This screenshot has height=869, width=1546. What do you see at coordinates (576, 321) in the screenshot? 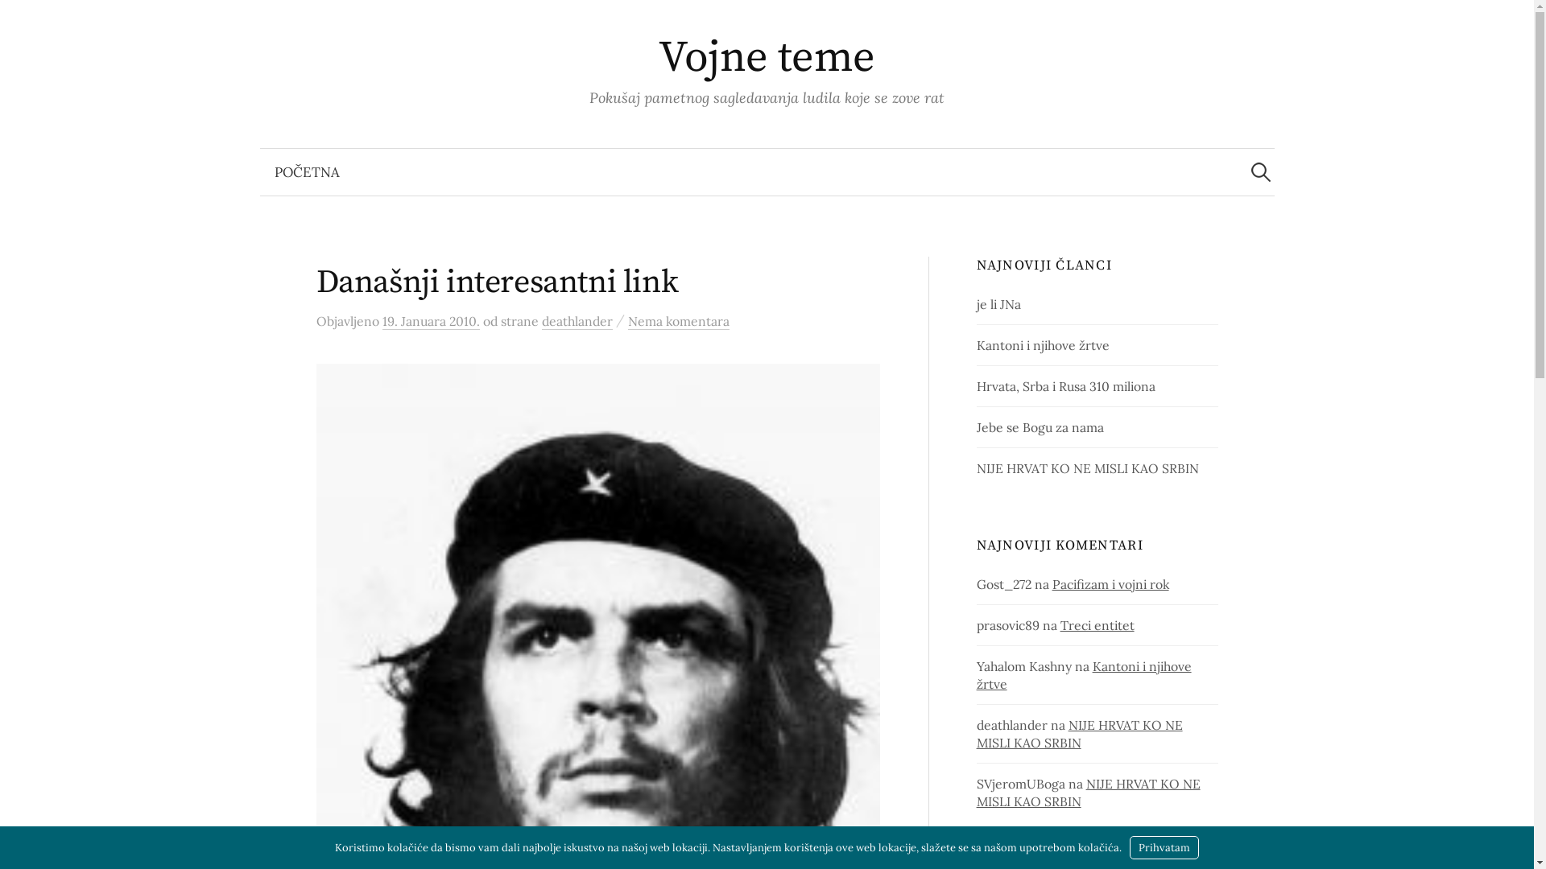
I see `'deathlander'` at bounding box center [576, 321].